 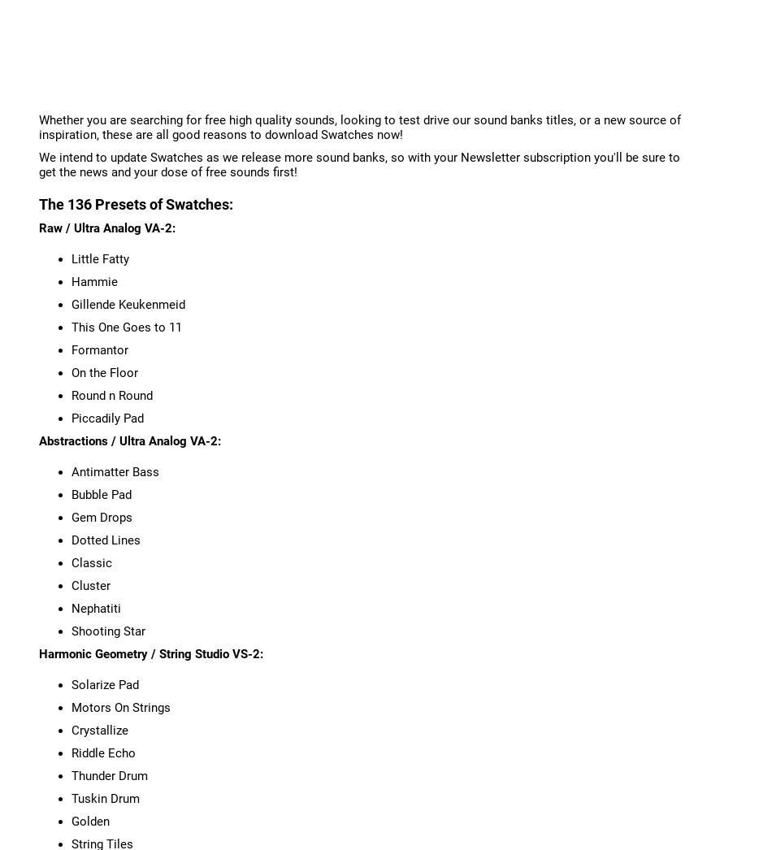 What do you see at coordinates (98, 729) in the screenshot?
I see `'Crystallize'` at bounding box center [98, 729].